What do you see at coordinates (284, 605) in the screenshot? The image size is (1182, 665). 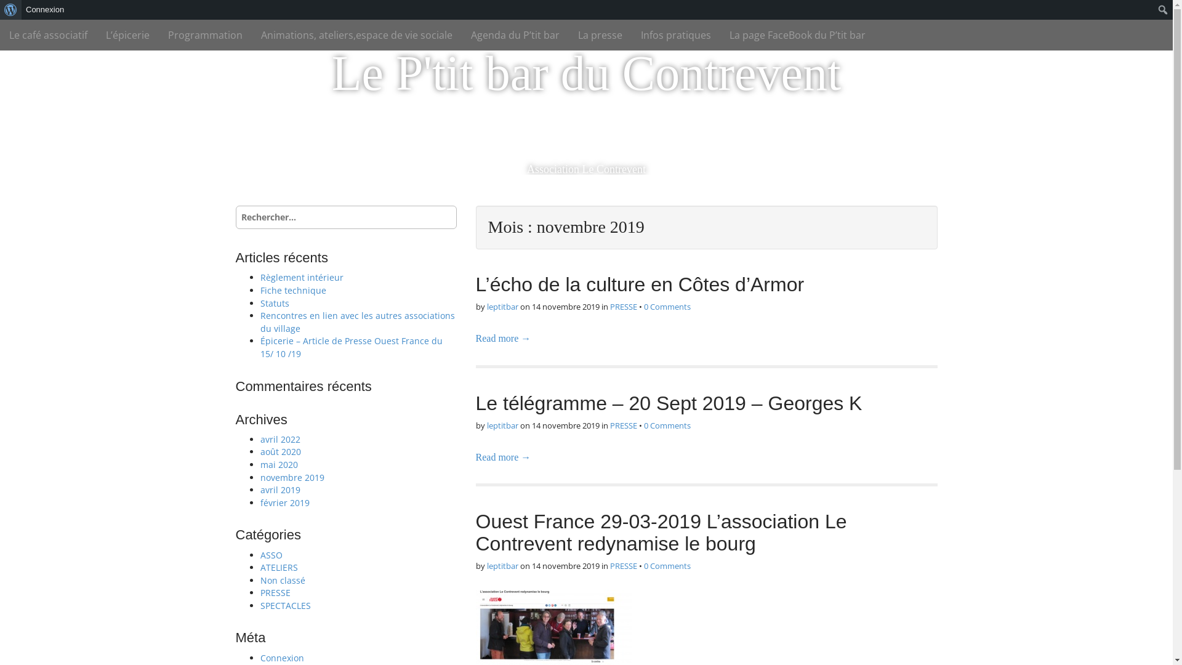 I see `'SPECTACLES'` at bounding box center [284, 605].